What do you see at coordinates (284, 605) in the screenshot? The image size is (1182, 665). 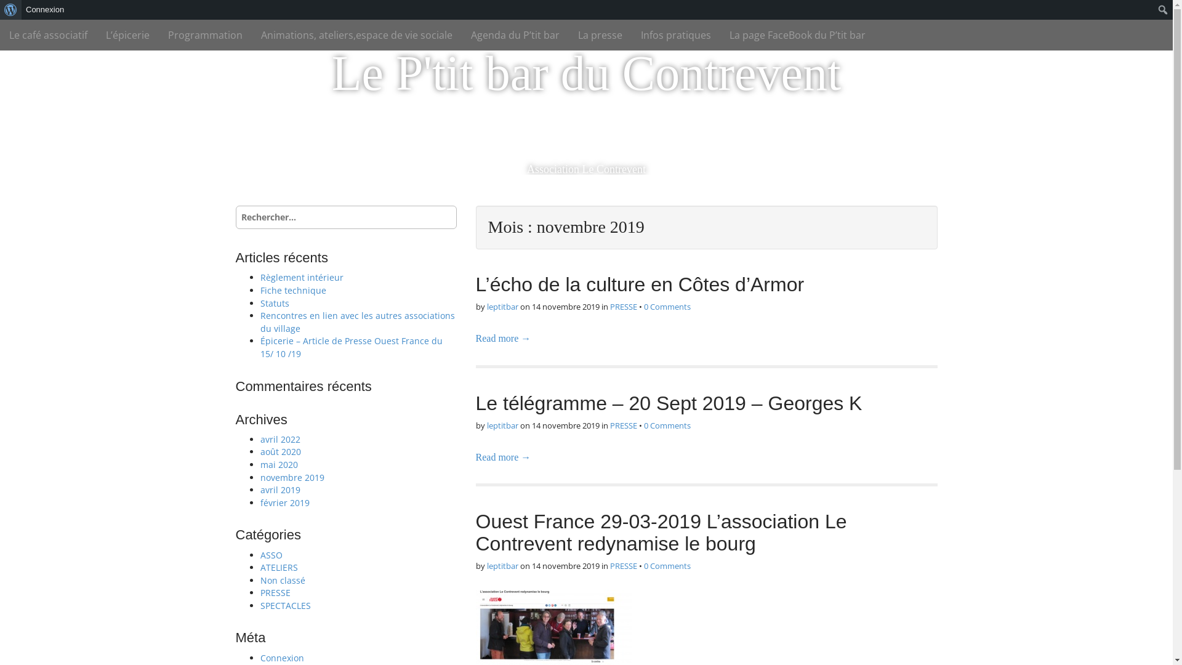 I see `'SPECTACLES'` at bounding box center [284, 605].